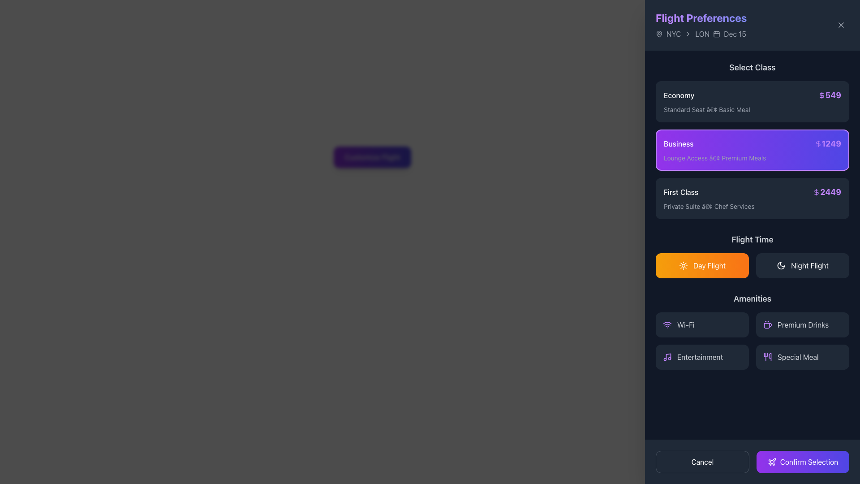  I want to click on the informational text label describing the benefits of the 'Business' travel class option, located in the 'Select Class' section of the 'Flight Preferences' interface, below the text 'Business' and the price '$1249', so click(752, 158).